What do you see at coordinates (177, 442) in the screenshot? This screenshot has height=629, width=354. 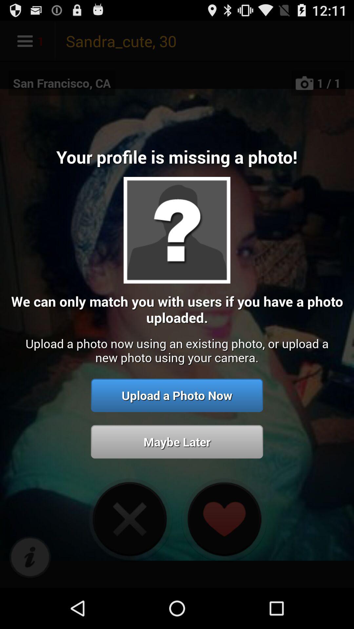 I see `item below the upload a photo` at bounding box center [177, 442].